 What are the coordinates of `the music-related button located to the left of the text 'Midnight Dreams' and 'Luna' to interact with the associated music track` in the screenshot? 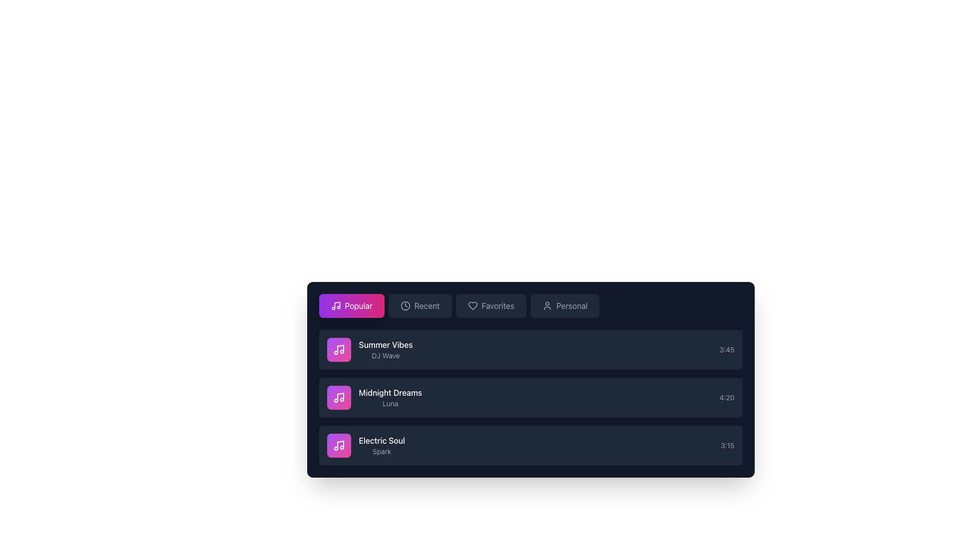 It's located at (339, 397).